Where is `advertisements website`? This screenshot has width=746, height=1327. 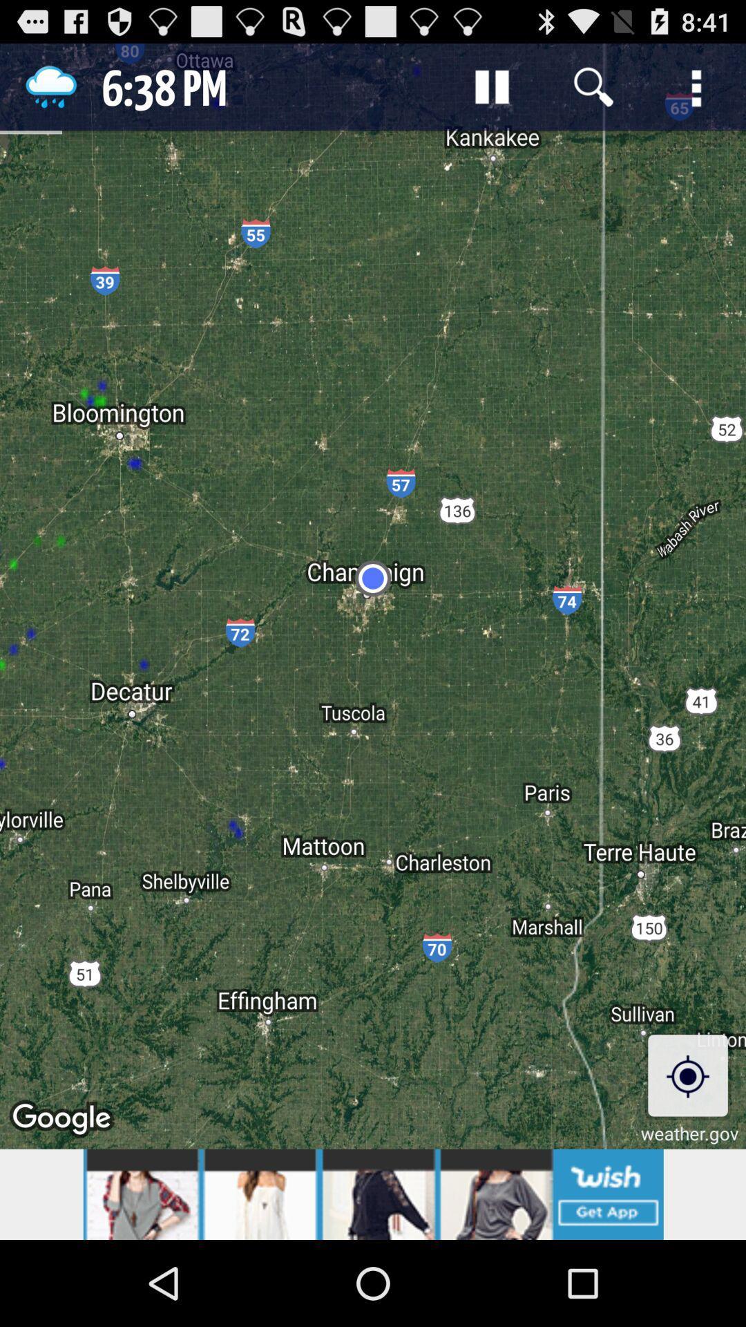 advertisements website is located at coordinates (373, 1194).